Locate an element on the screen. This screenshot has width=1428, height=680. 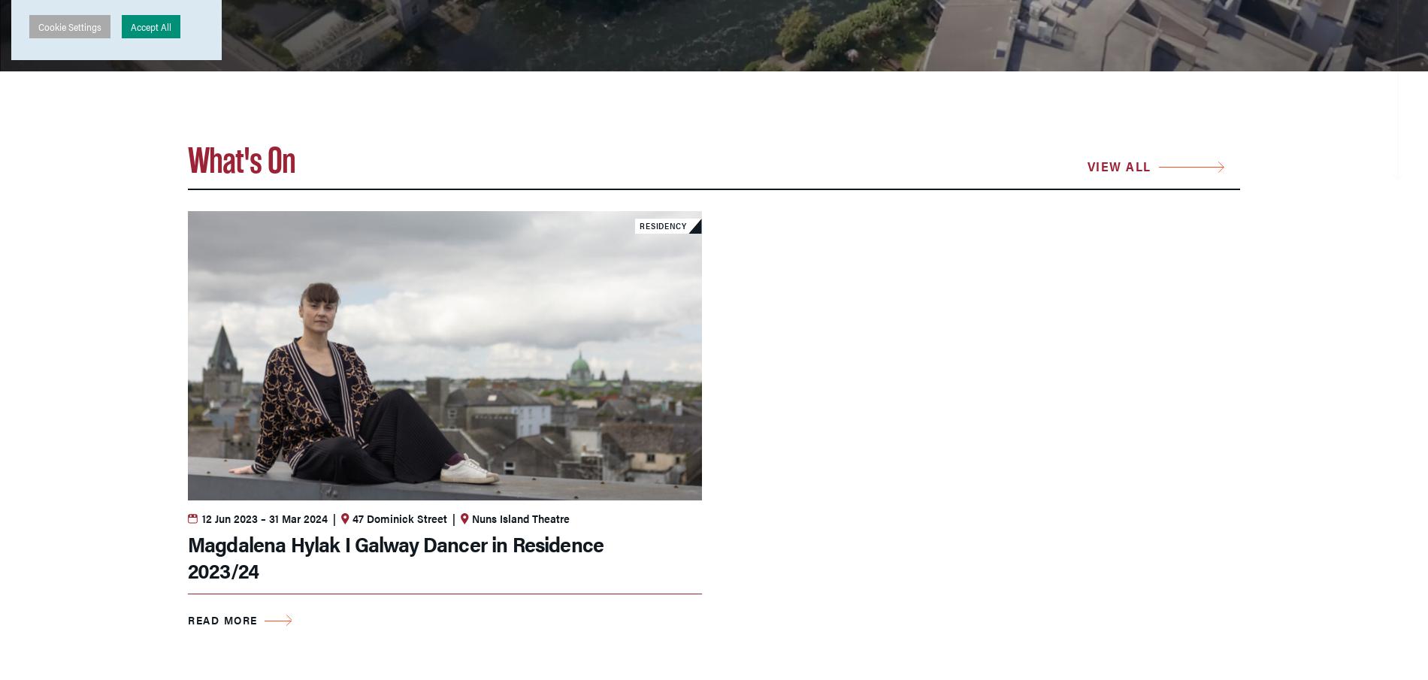
'– 31 Mar 2024' is located at coordinates (259, 517).